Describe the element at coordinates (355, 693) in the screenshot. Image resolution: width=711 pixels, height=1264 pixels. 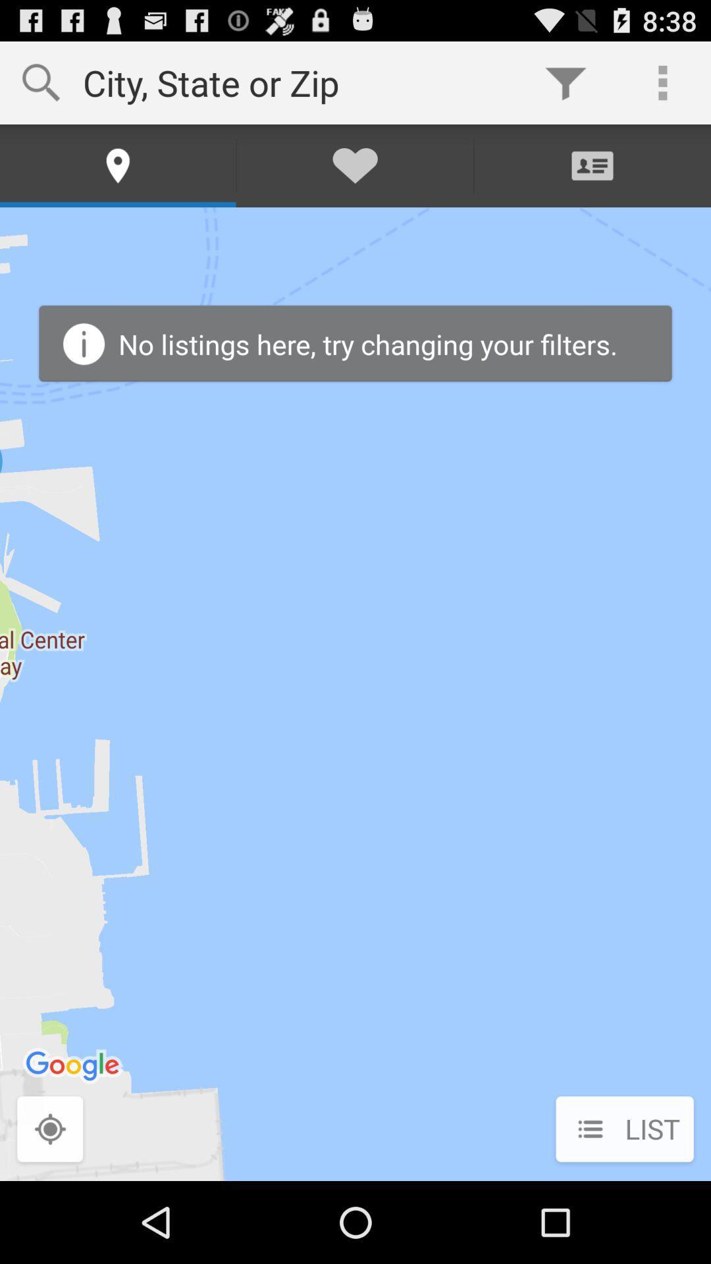
I see `item at the center` at that location.